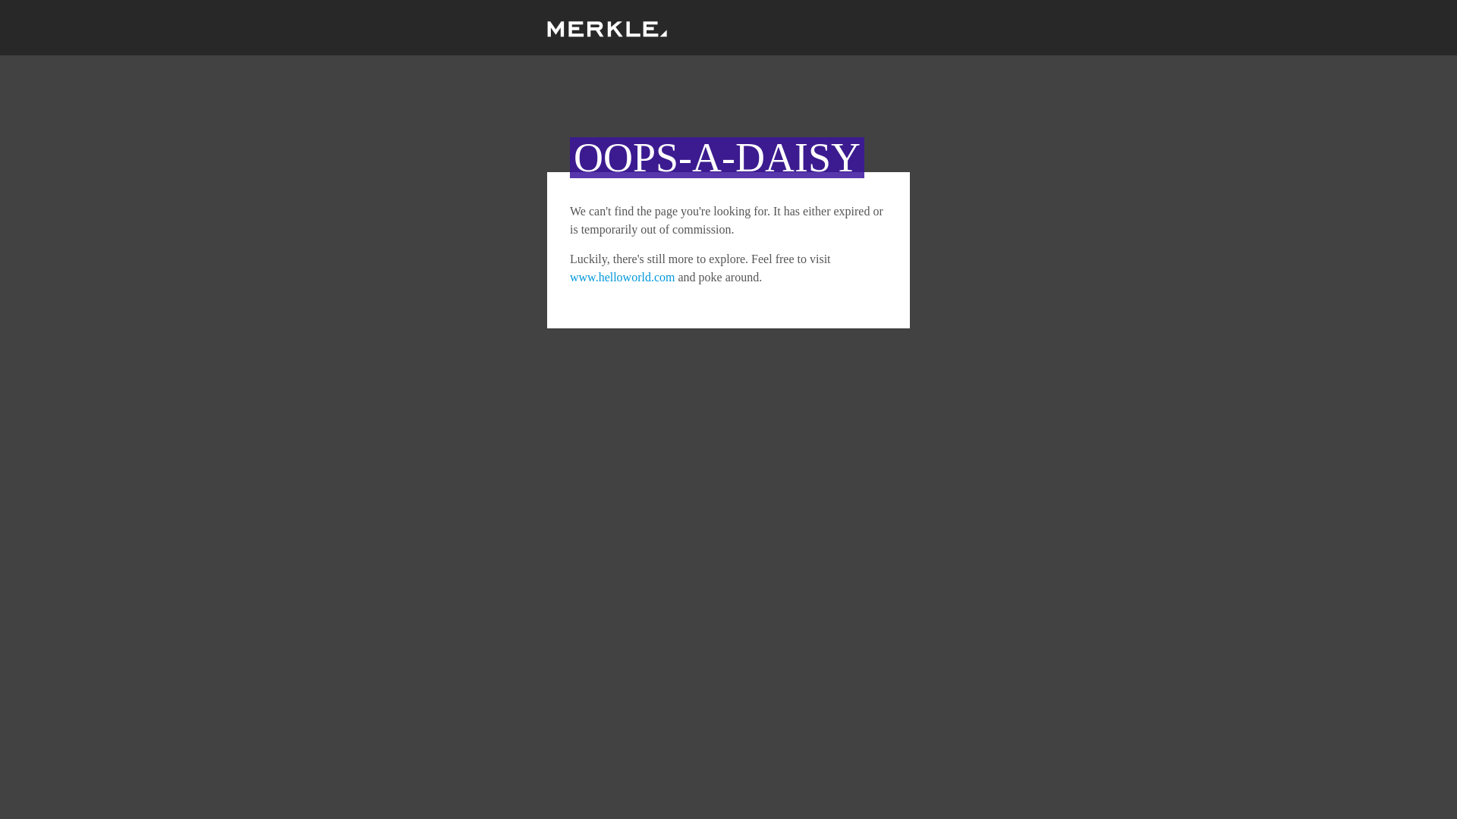 The width and height of the screenshot is (1457, 819). I want to click on 'www.helloworld.com', so click(622, 277).